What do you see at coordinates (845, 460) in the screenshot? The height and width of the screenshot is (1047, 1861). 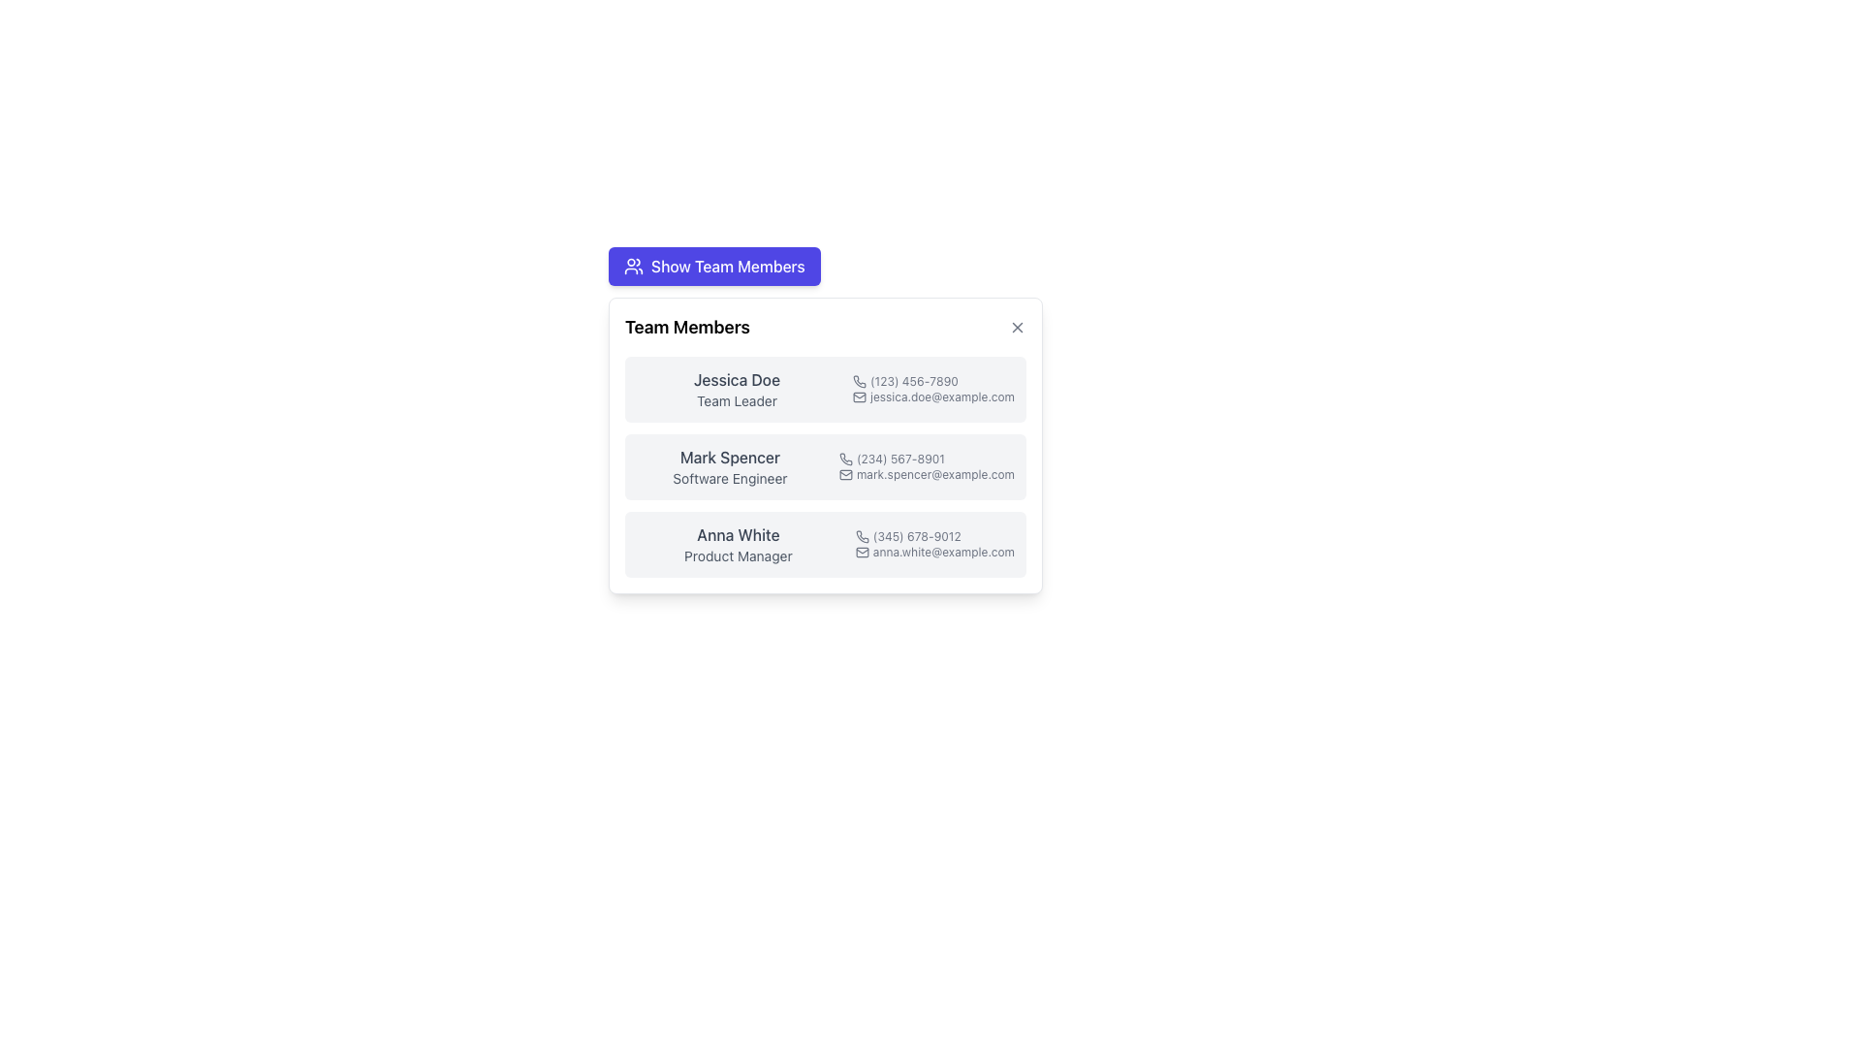 I see `the phone icon located to the left of the phone number '(234) 567-8901' in the second row of the 'Team Members' modal` at bounding box center [845, 460].